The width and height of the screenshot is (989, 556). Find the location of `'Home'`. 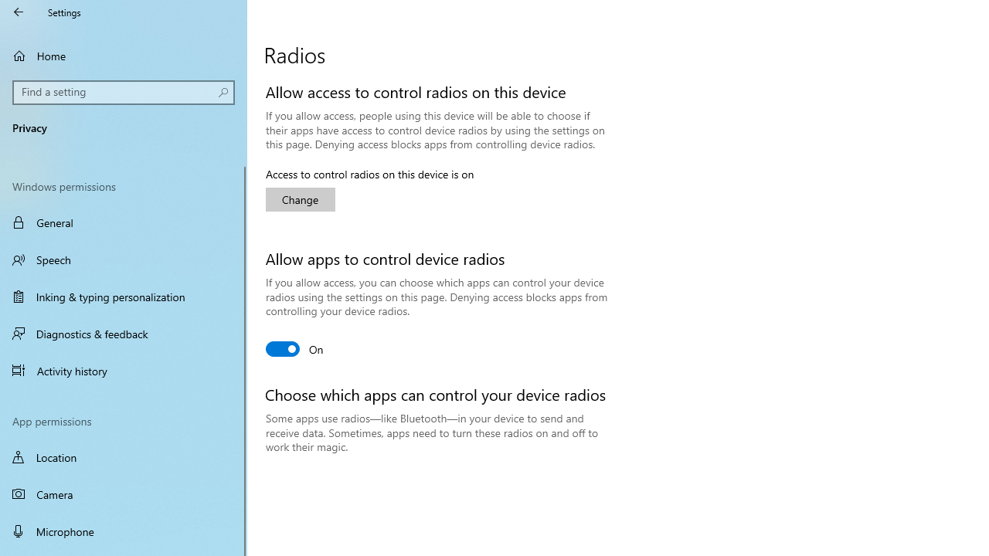

'Home' is located at coordinates (124, 55).